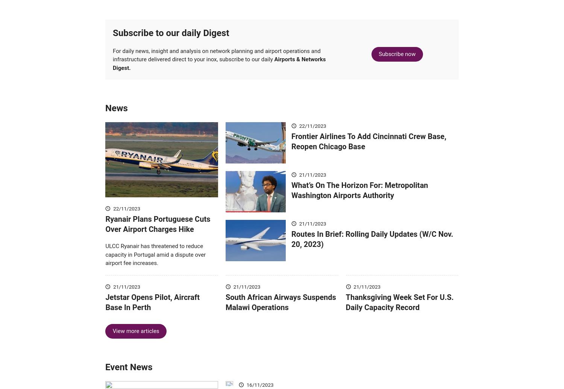 This screenshot has width=564, height=389. What do you see at coordinates (116, 119) in the screenshot?
I see `'News'` at bounding box center [116, 119].